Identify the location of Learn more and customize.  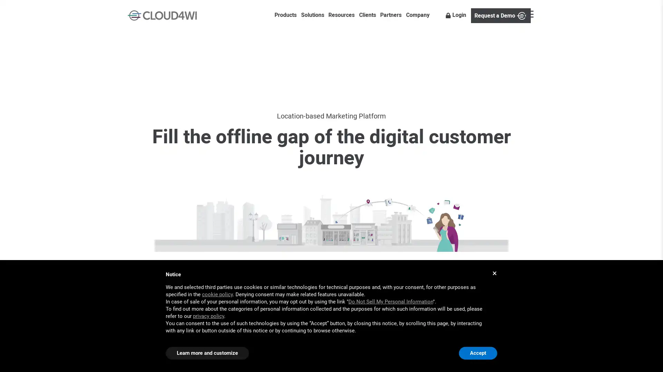
(207, 353).